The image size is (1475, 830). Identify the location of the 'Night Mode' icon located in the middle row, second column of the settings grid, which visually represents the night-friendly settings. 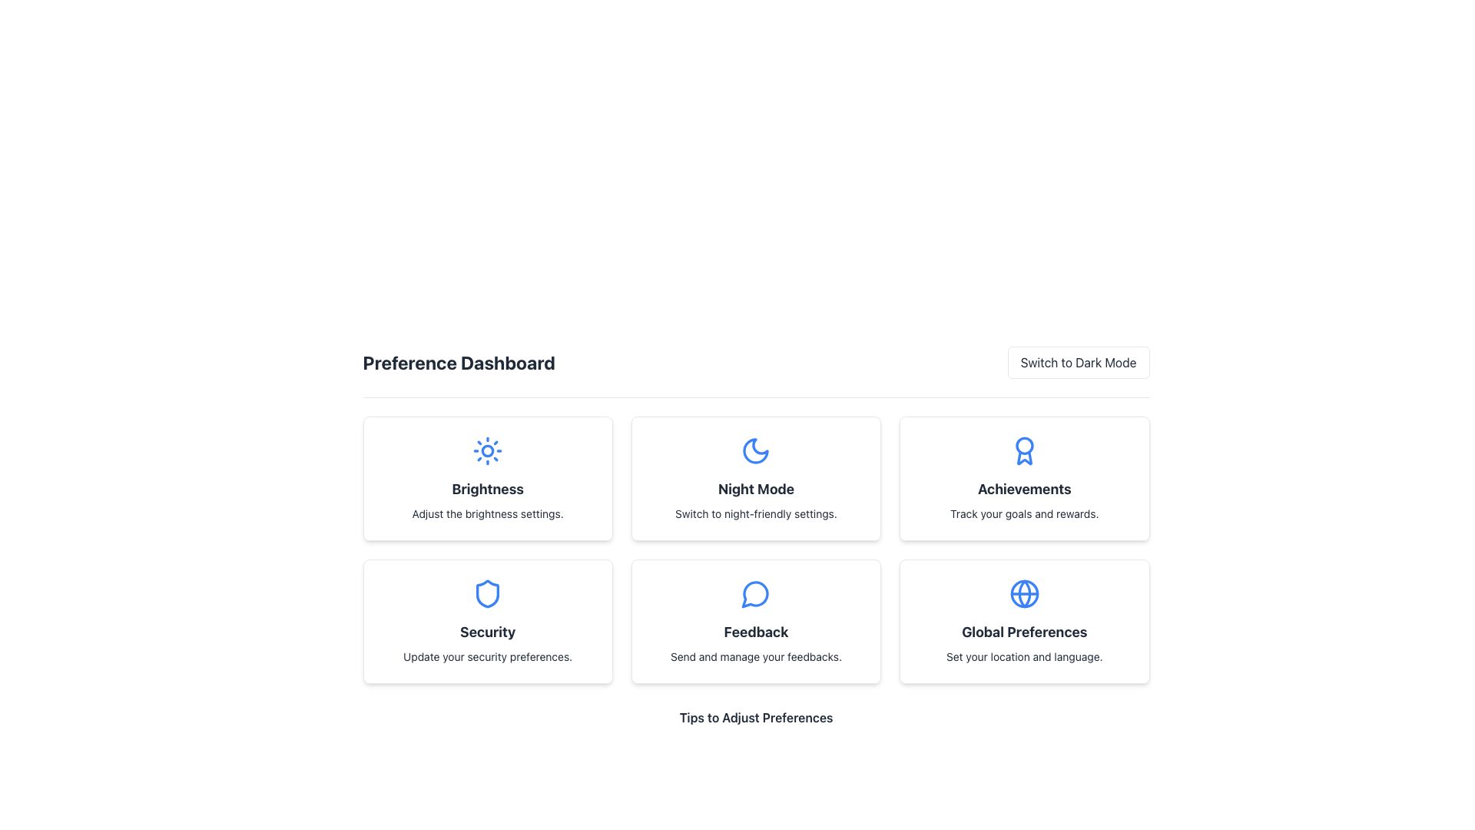
(756, 450).